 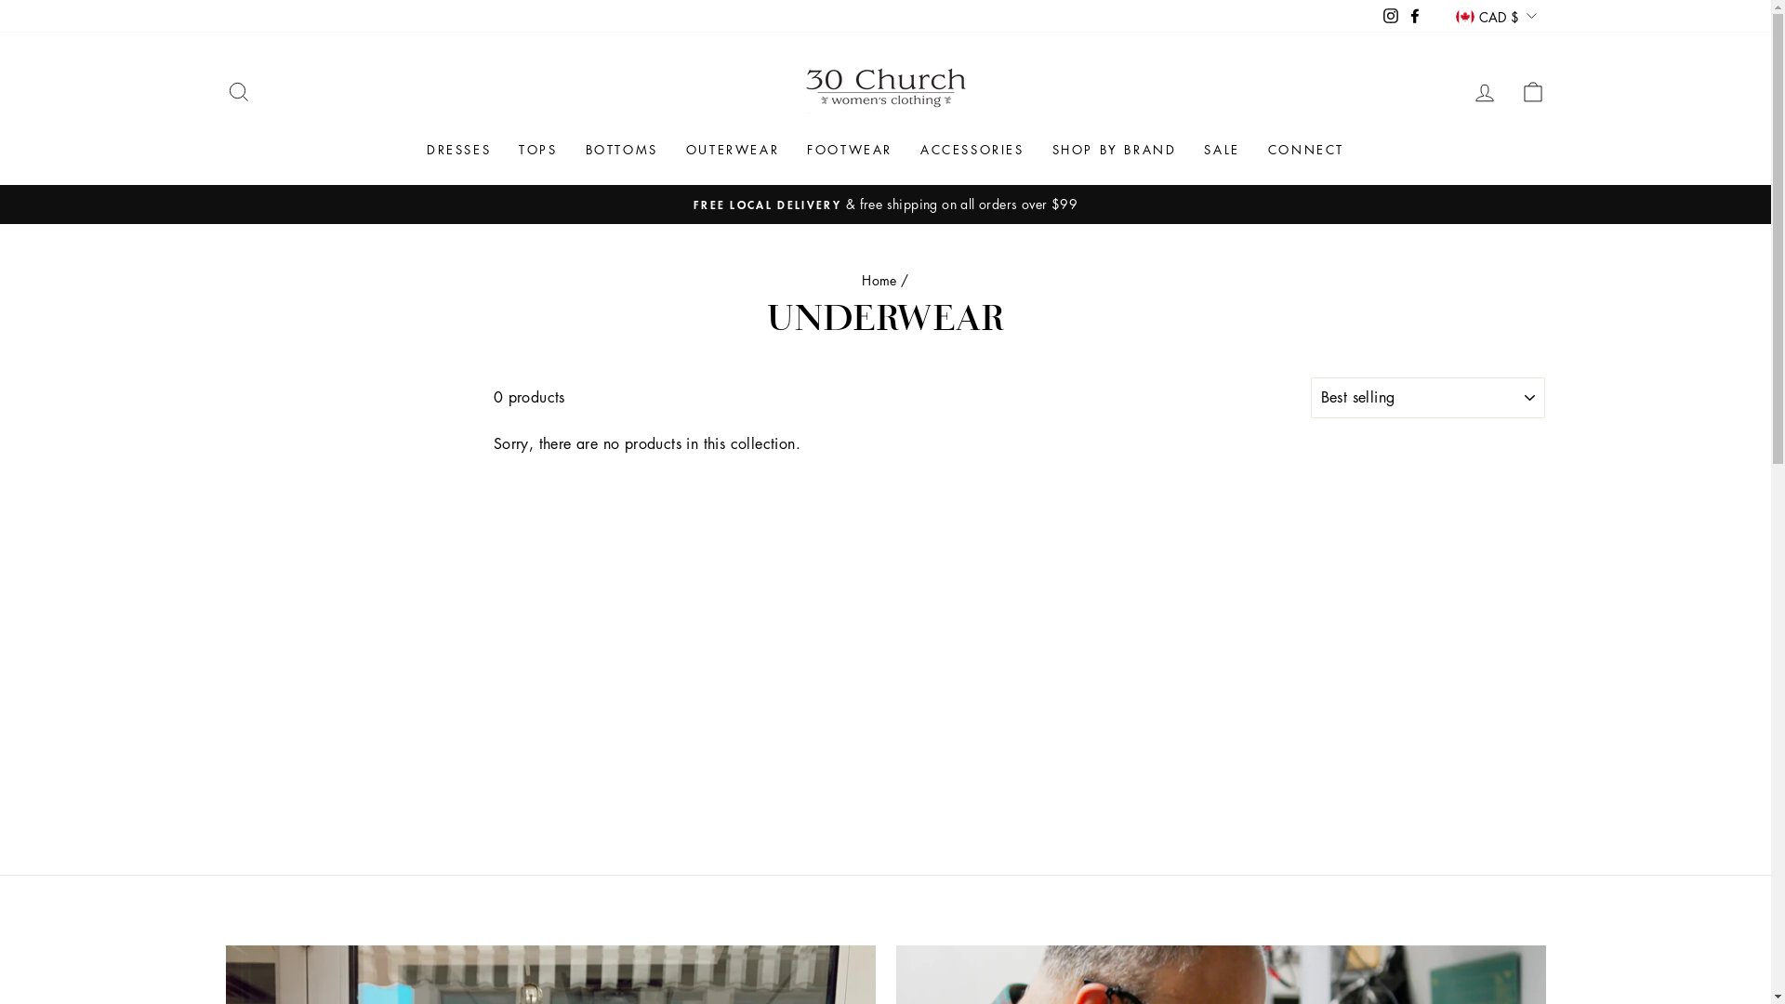 What do you see at coordinates (1115, 150) in the screenshot?
I see `'SHOP BY BRAND'` at bounding box center [1115, 150].